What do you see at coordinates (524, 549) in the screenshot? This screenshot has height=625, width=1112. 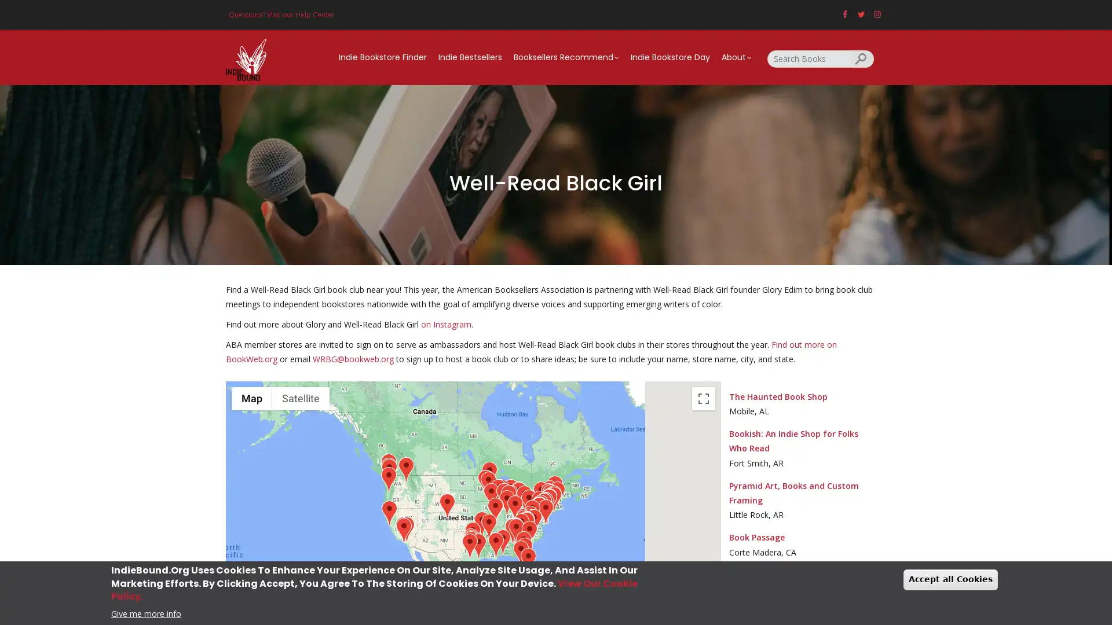 I see `The Writer's Block Bookstore` at bounding box center [524, 549].